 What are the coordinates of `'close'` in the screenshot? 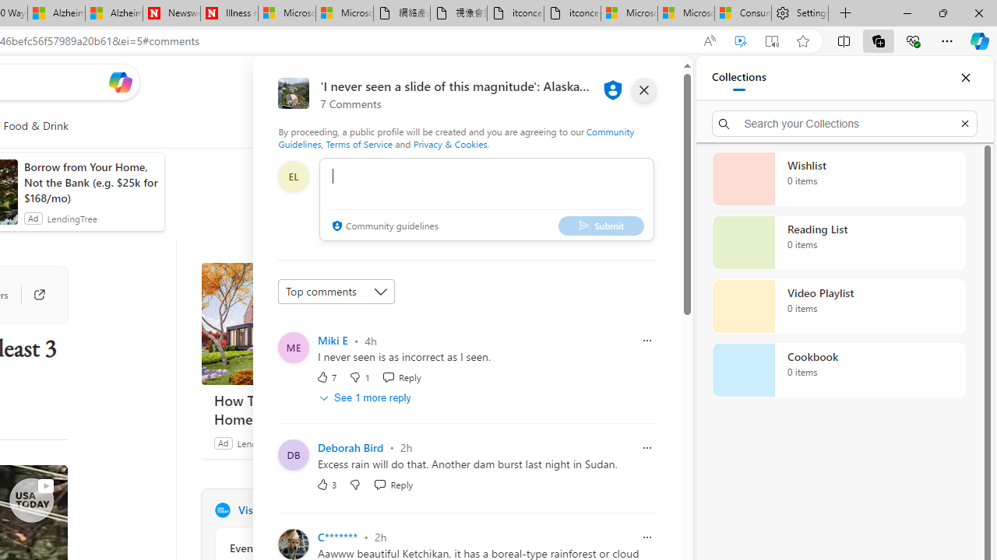 It's located at (644, 89).